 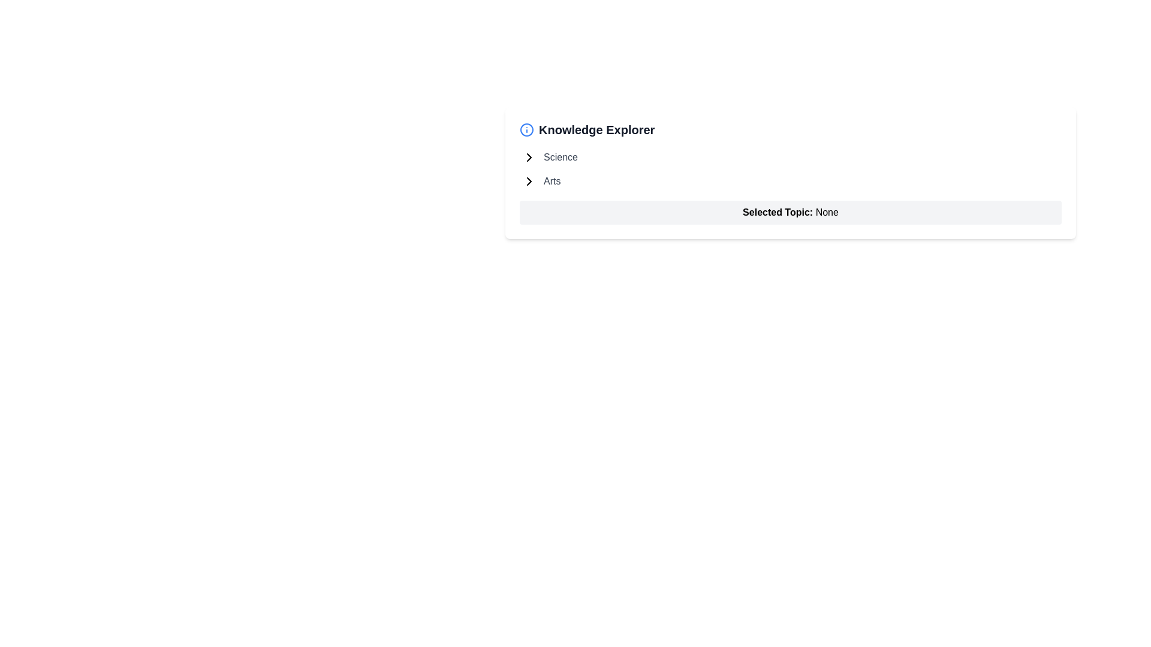 I want to click on the right-pointing arrow icon located next to the 'Science' text, so click(x=529, y=156).